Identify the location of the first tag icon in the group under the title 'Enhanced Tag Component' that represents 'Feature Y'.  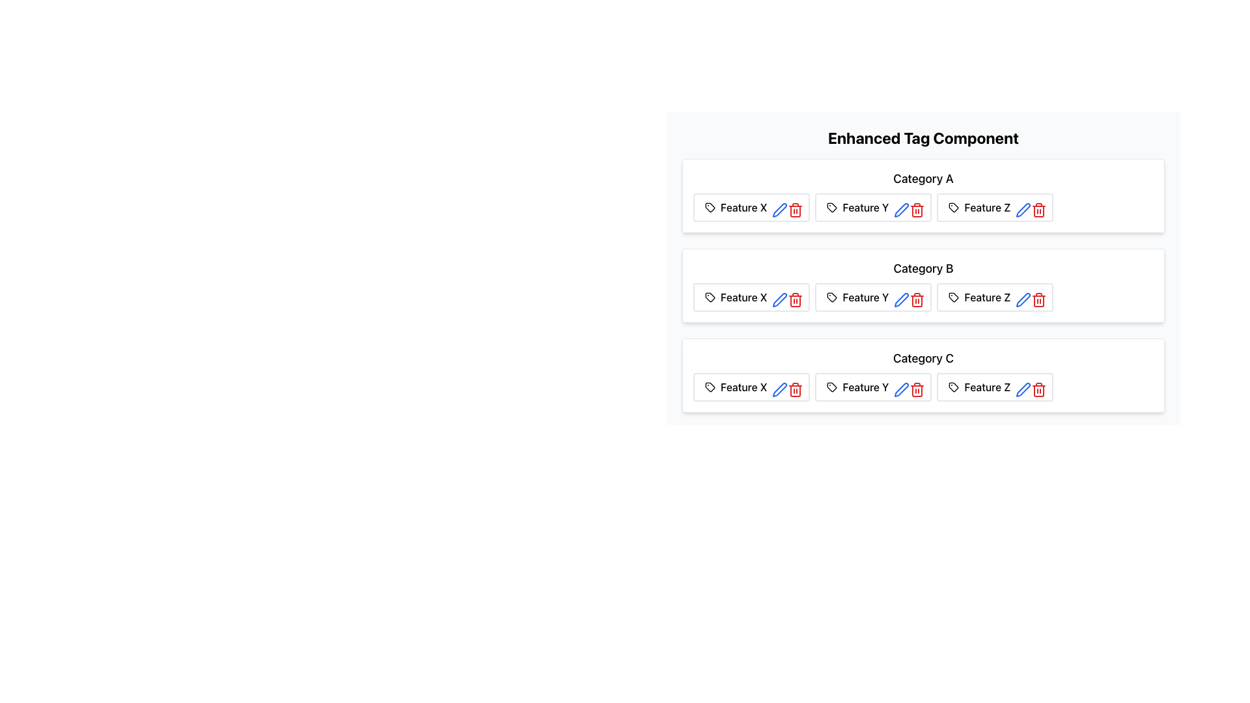
(831, 207).